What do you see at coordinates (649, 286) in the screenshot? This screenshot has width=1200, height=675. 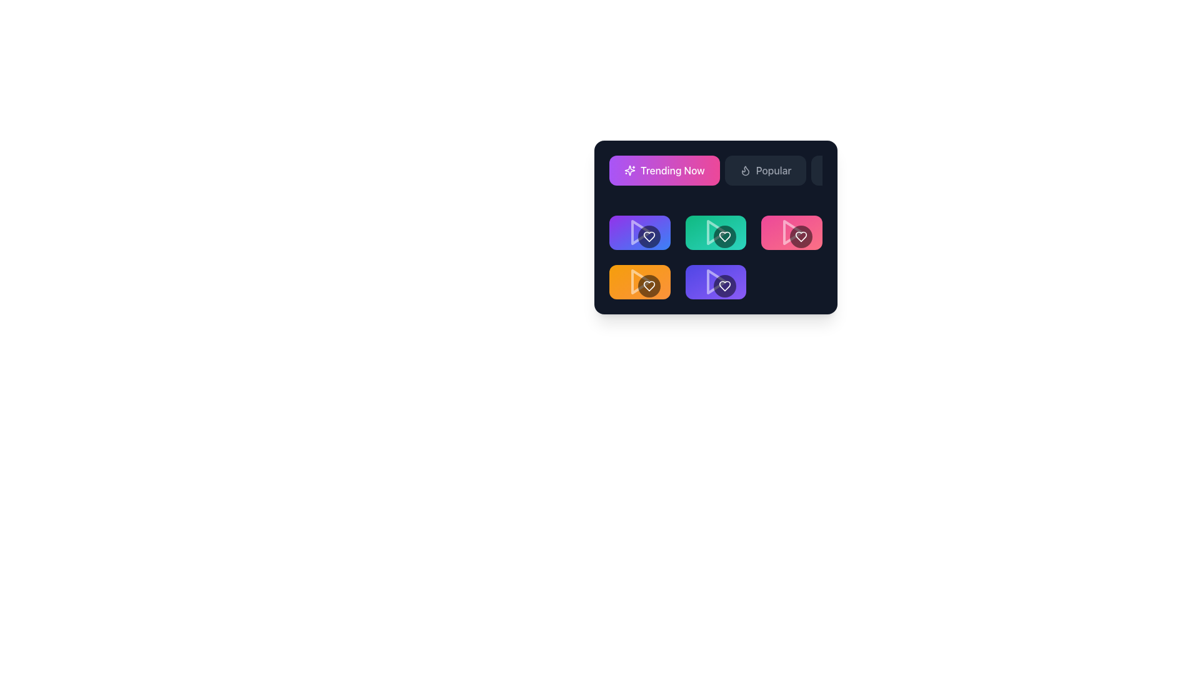 I see `the favorite icon located at the bottom-left of the orange rectangle card` at bounding box center [649, 286].